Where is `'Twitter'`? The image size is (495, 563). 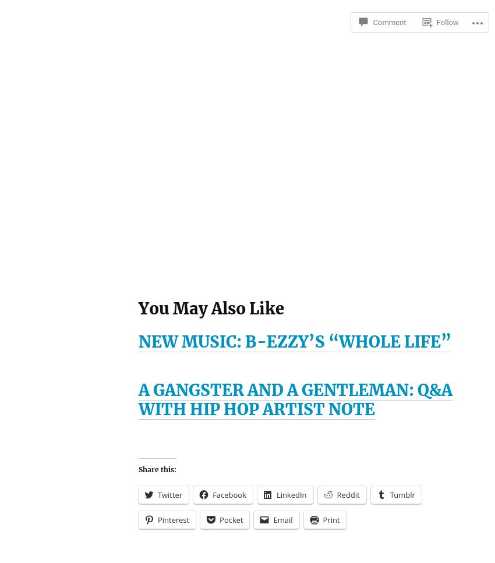
'Twitter' is located at coordinates (169, 494).